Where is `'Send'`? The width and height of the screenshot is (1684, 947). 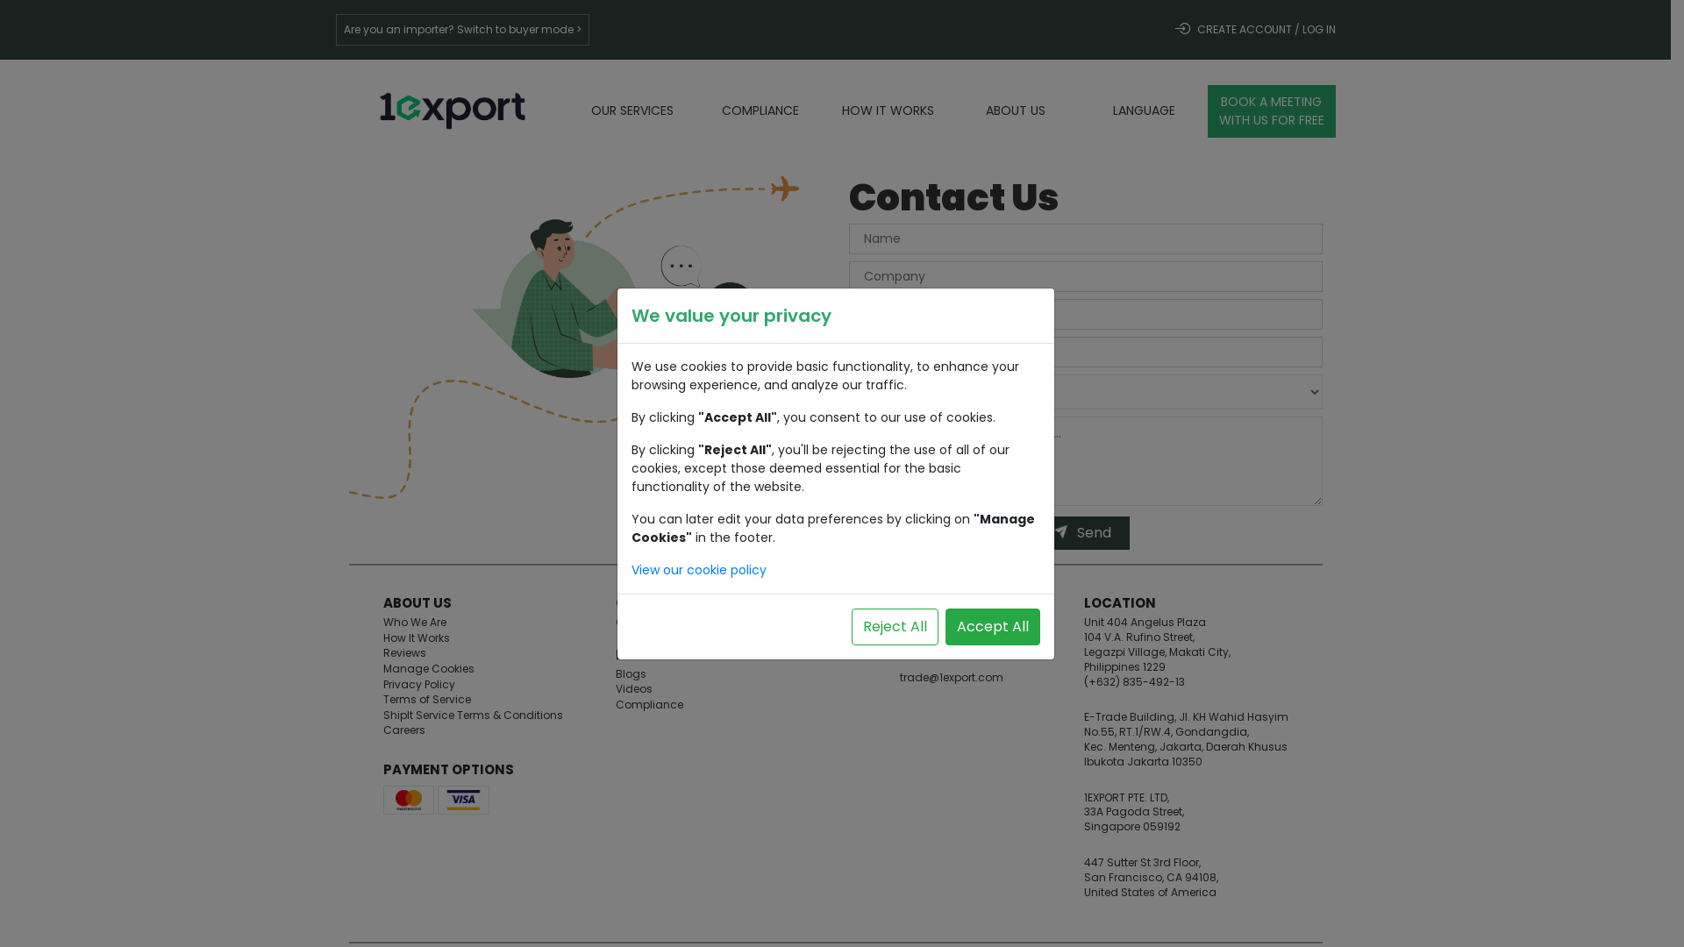
'Send' is located at coordinates (1084, 532).